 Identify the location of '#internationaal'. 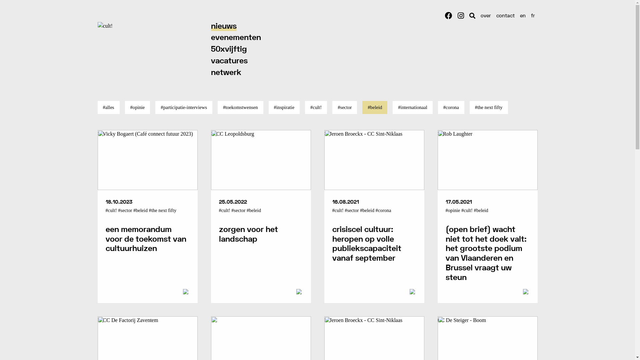
(412, 107).